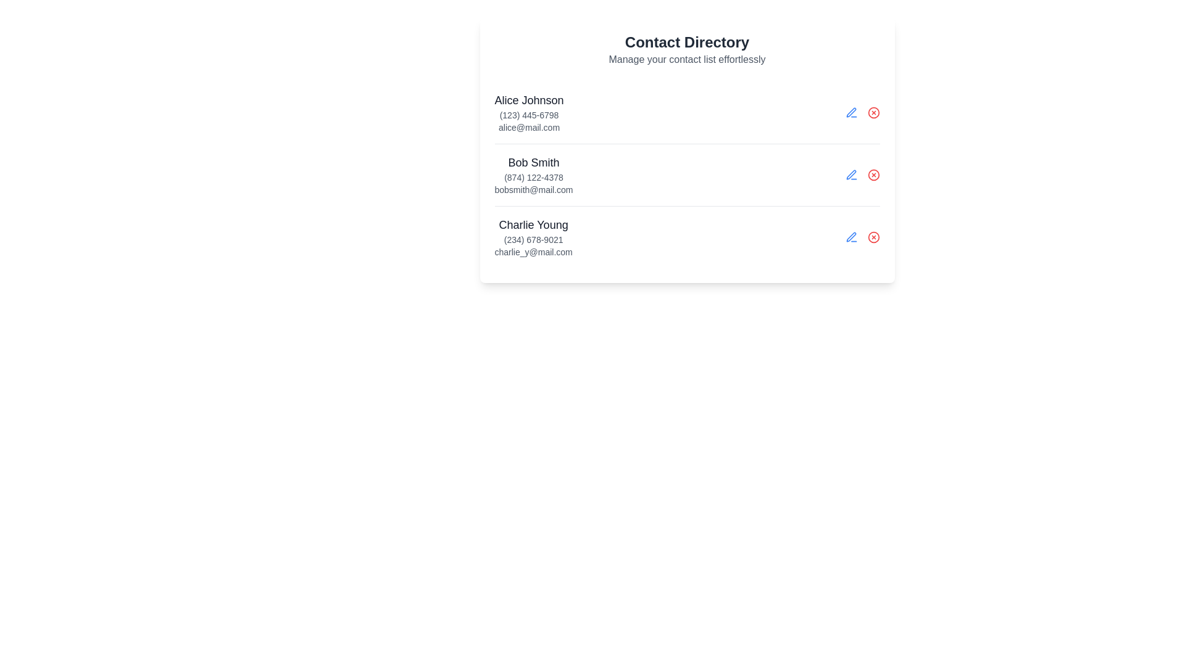 The height and width of the screenshot is (666, 1185). What do you see at coordinates (850, 175) in the screenshot?
I see `the view details button for contact Bob Smith` at bounding box center [850, 175].